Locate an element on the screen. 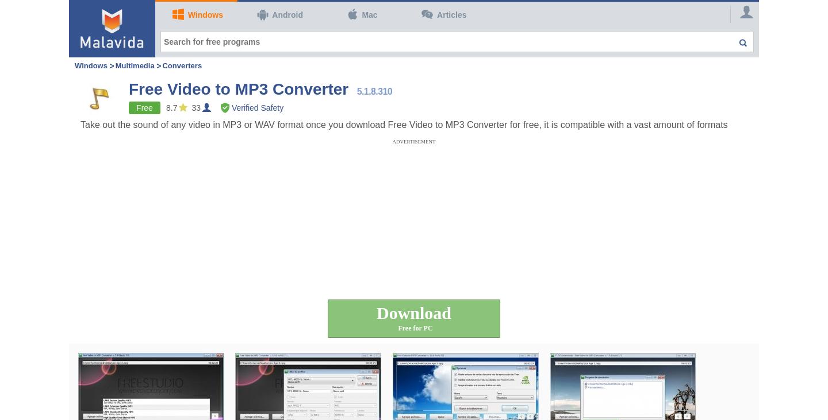 Image resolution: width=828 pixels, height=420 pixels. '5.1.8.310' is located at coordinates (374, 91).